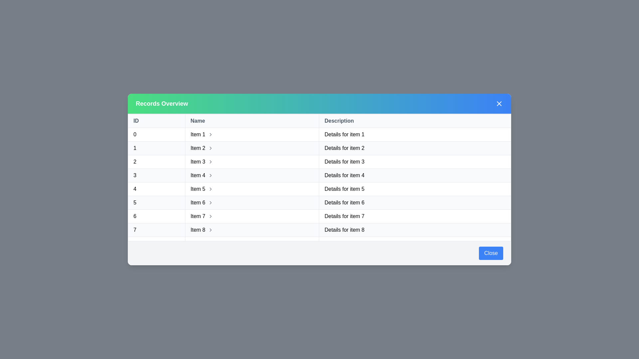 This screenshot has width=639, height=359. What do you see at coordinates (166, 133) in the screenshot?
I see `the text of the specified table cell to select it for copying` at bounding box center [166, 133].